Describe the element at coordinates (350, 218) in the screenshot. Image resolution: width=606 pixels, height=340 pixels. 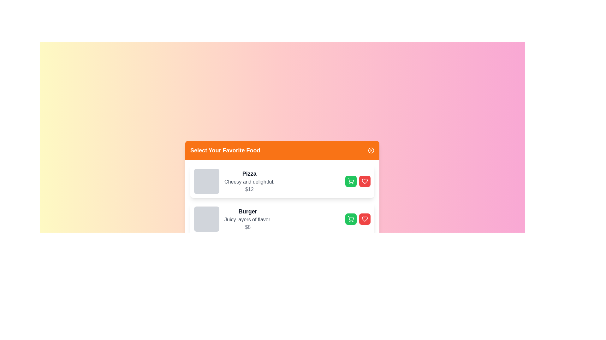
I see `green button to add the selected food item to the cart. The food item can be specified as Burger` at that location.